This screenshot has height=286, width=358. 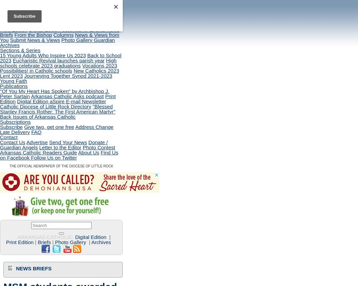 What do you see at coordinates (13, 86) in the screenshot?
I see `'Publications'` at bounding box center [13, 86].